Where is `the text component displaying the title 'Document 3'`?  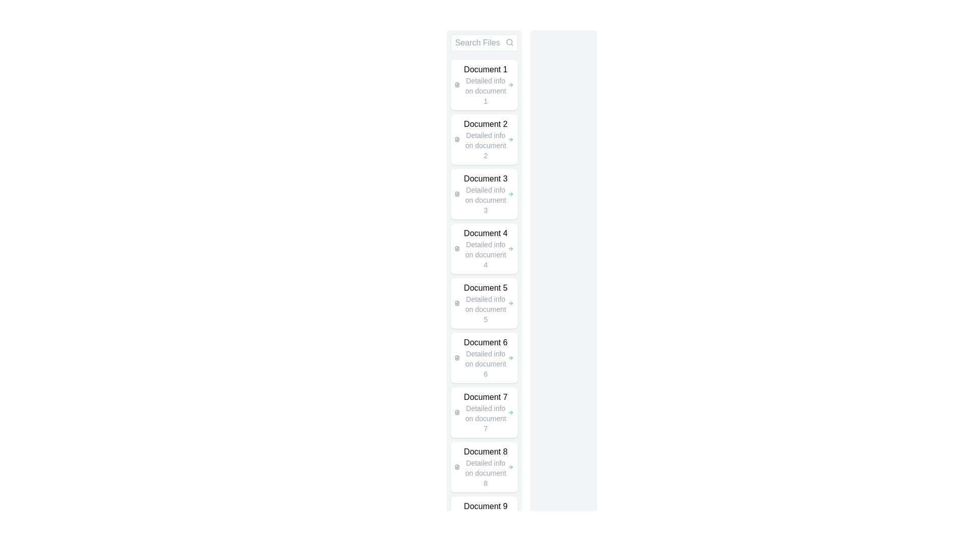 the text component displaying the title 'Document 3' is located at coordinates (486, 178).